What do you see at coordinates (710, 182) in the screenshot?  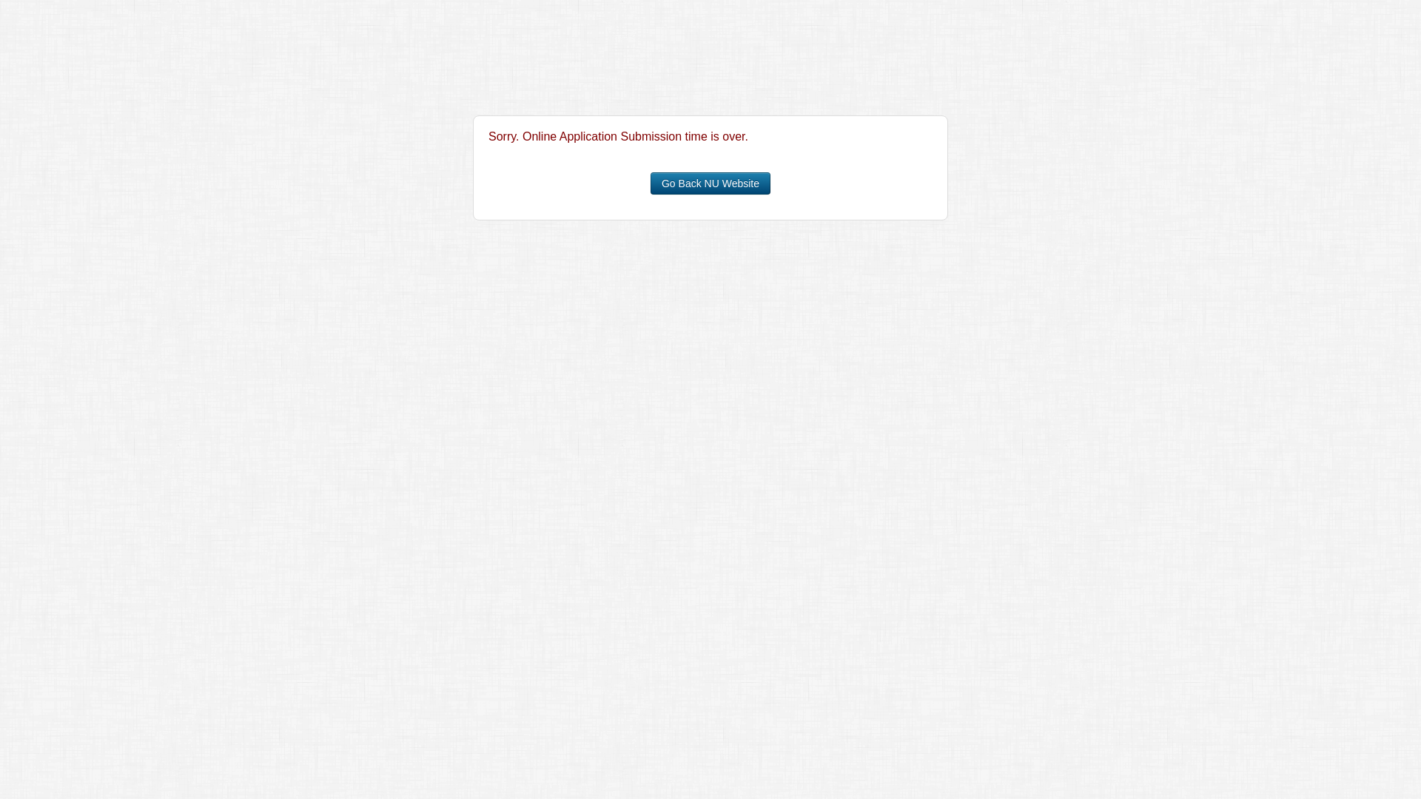 I see `'Go Back NU Website'` at bounding box center [710, 182].